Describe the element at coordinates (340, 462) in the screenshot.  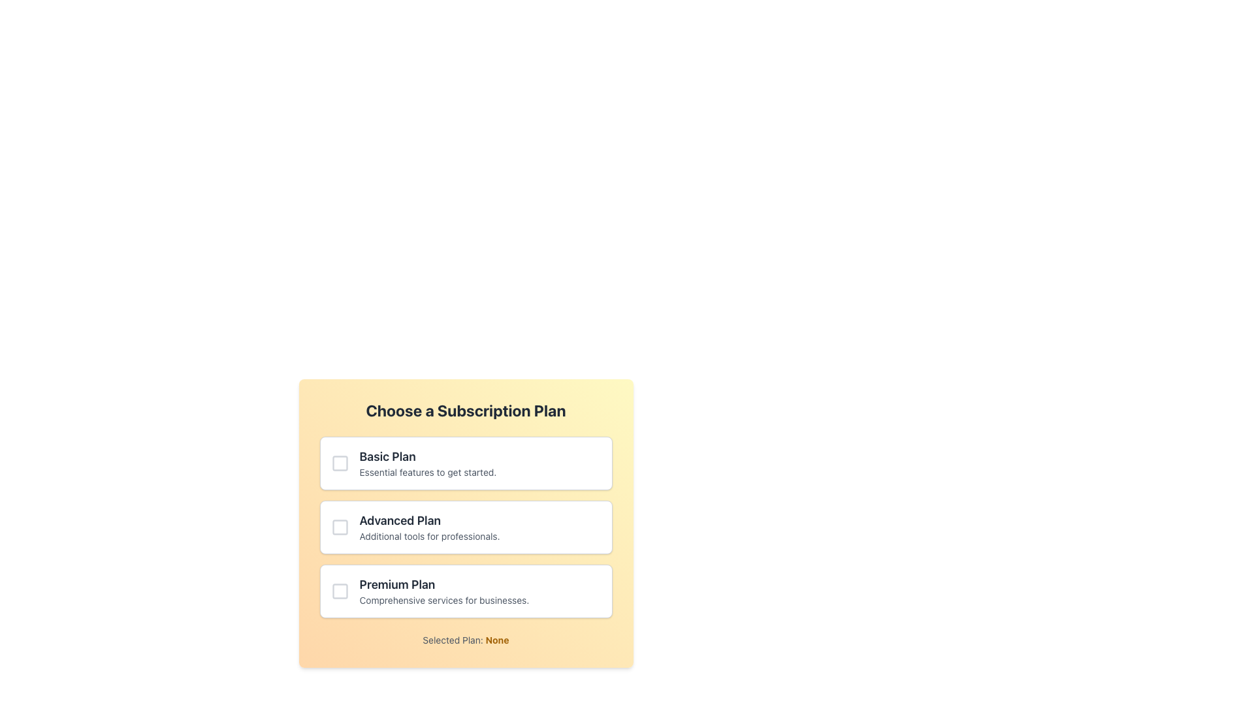
I see `the checkbox located to the left of the 'Basic Plan' text` at that location.